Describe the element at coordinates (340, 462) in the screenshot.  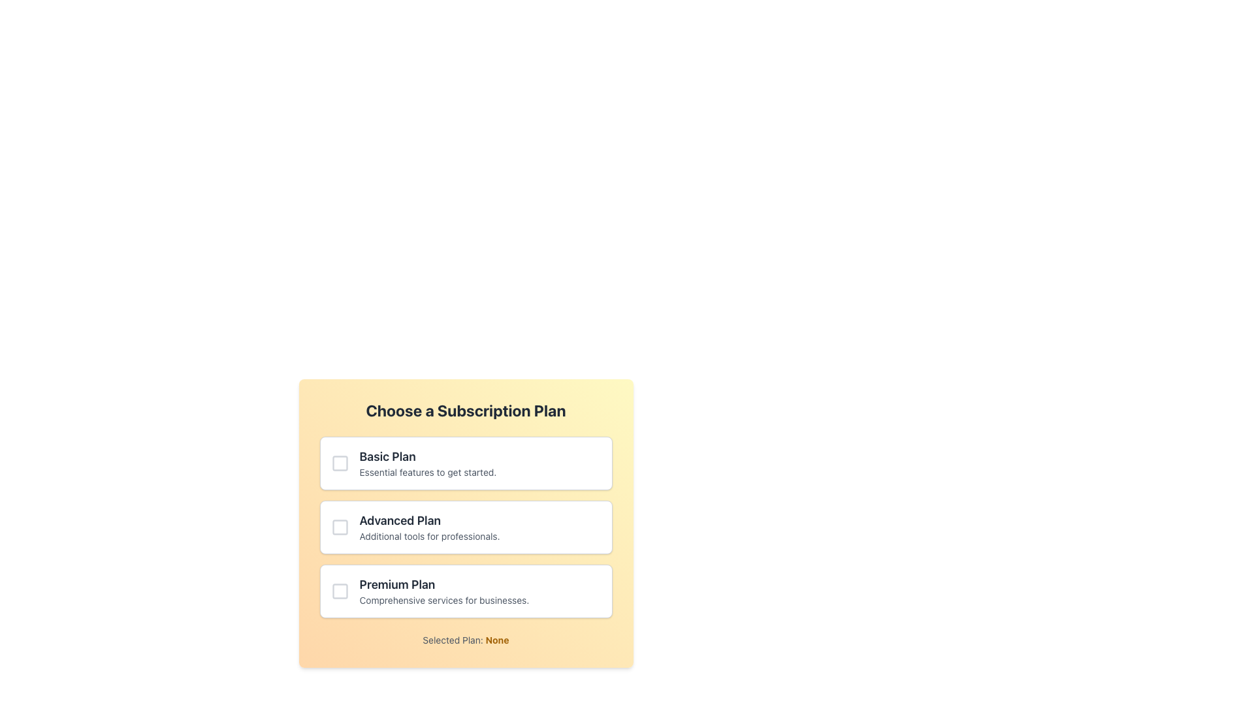
I see `the checkbox located to the left of the 'Basic Plan' text` at that location.